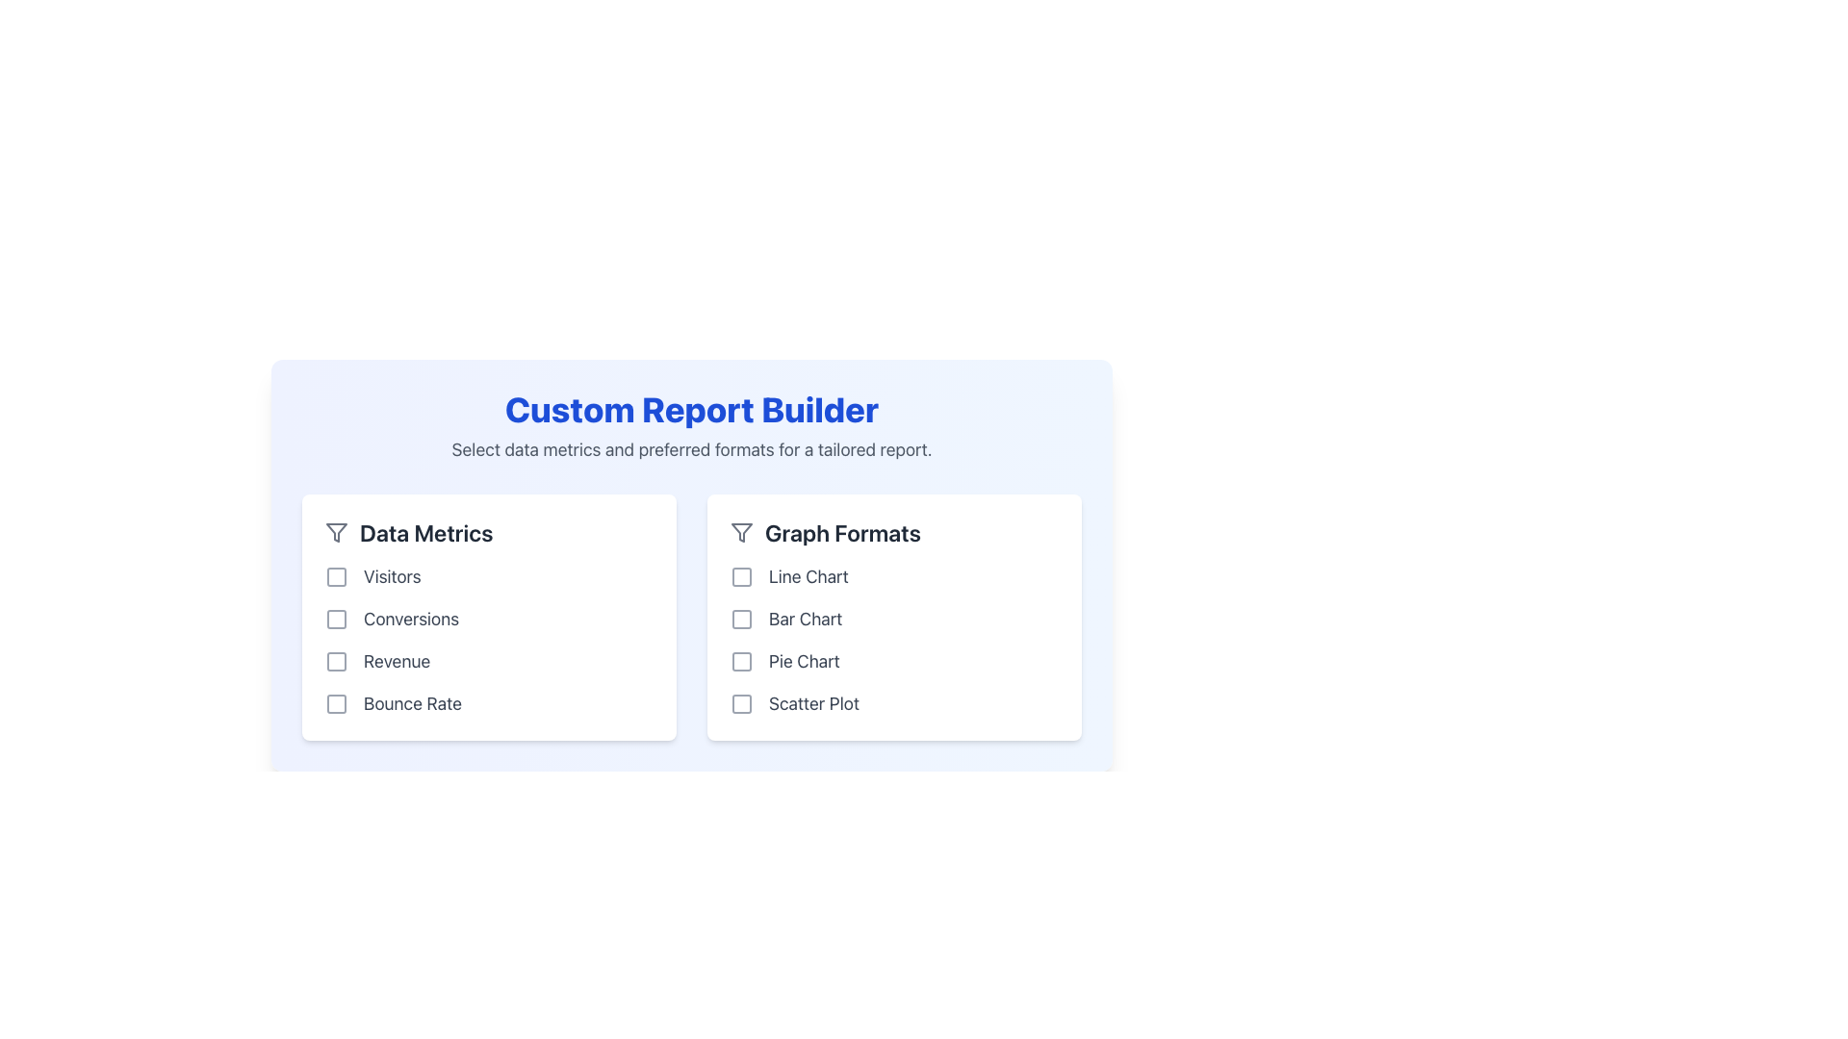 This screenshot has width=1848, height=1039. Describe the element at coordinates (337, 620) in the screenshot. I see `the second checkbox in the 'Data Metrics' section` at that location.